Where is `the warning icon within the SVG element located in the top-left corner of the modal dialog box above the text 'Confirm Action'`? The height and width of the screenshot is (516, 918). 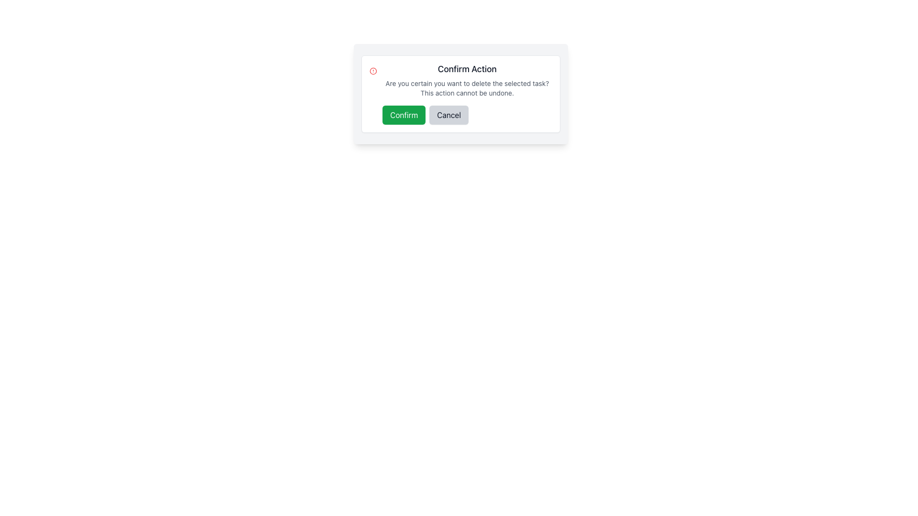 the warning icon within the SVG element located in the top-left corner of the modal dialog box above the text 'Confirm Action' is located at coordinates (372, 71).